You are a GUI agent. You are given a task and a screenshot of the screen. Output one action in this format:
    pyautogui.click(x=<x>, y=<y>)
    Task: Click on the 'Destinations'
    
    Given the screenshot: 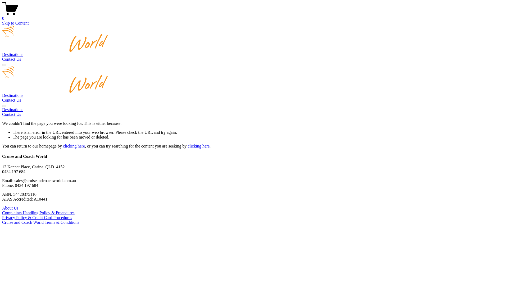 What is the action you would take?
    pyautogui.click(x=13, y=54)
    